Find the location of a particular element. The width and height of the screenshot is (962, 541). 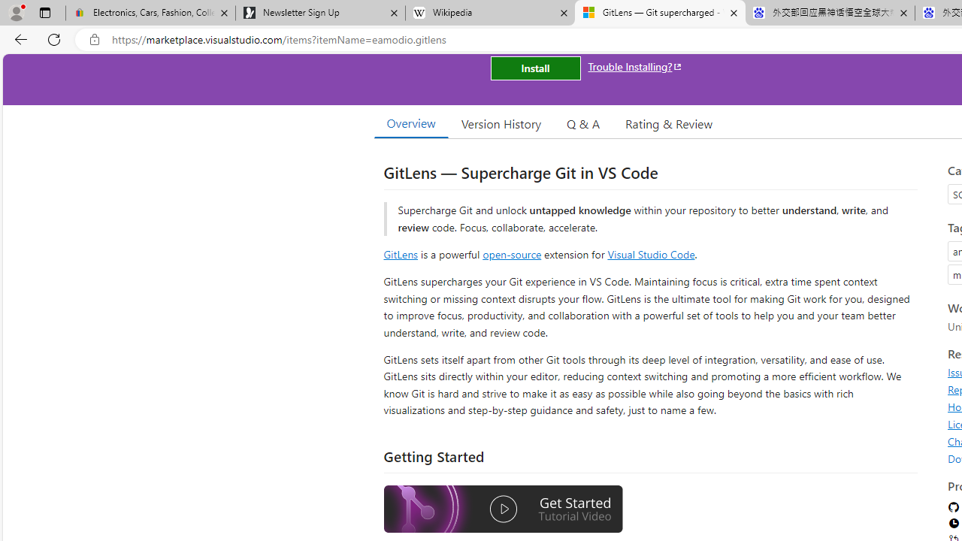

'open-source' is located at coordinates (512, 253).